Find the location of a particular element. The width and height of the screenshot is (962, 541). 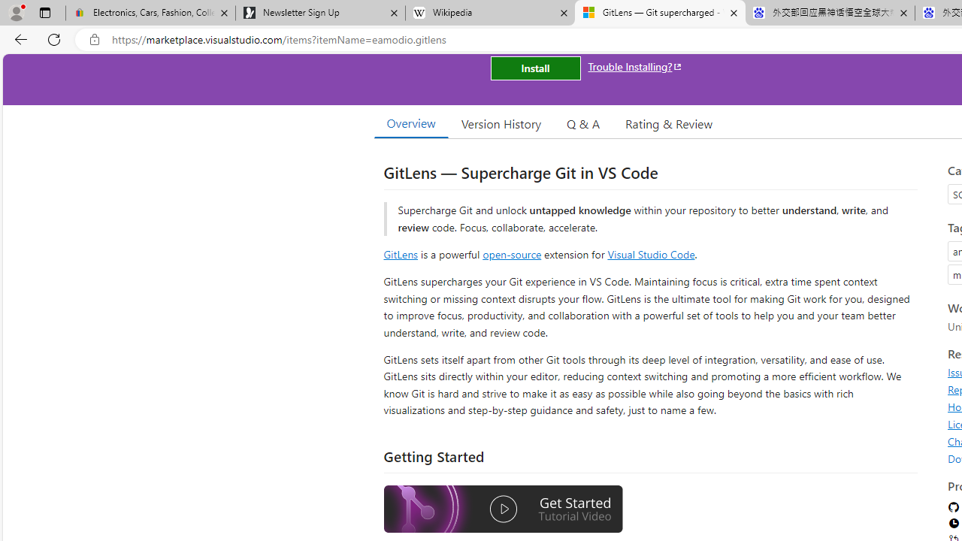

'open-source' is located at coordinates (512, 253).